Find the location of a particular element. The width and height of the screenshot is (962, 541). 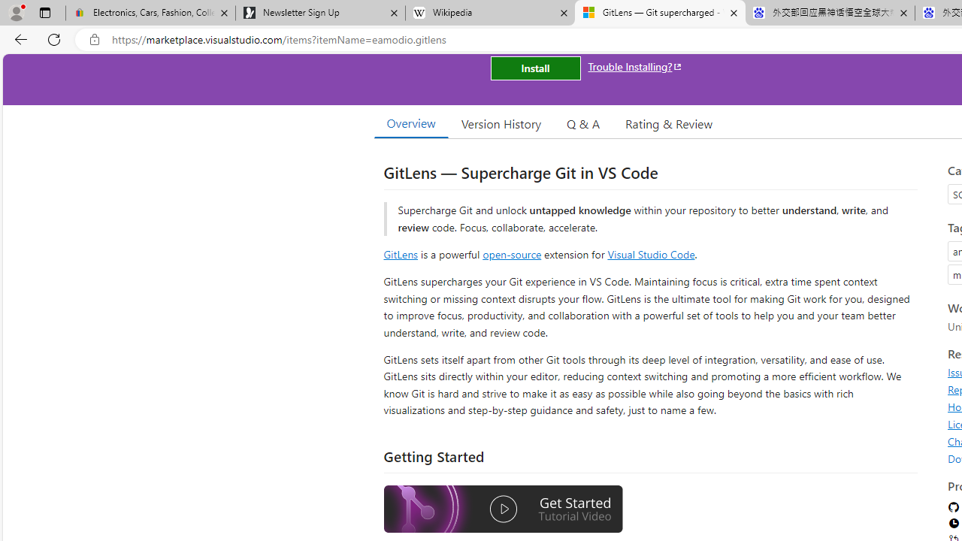

'open-source' is located at coordinates (512, 253).